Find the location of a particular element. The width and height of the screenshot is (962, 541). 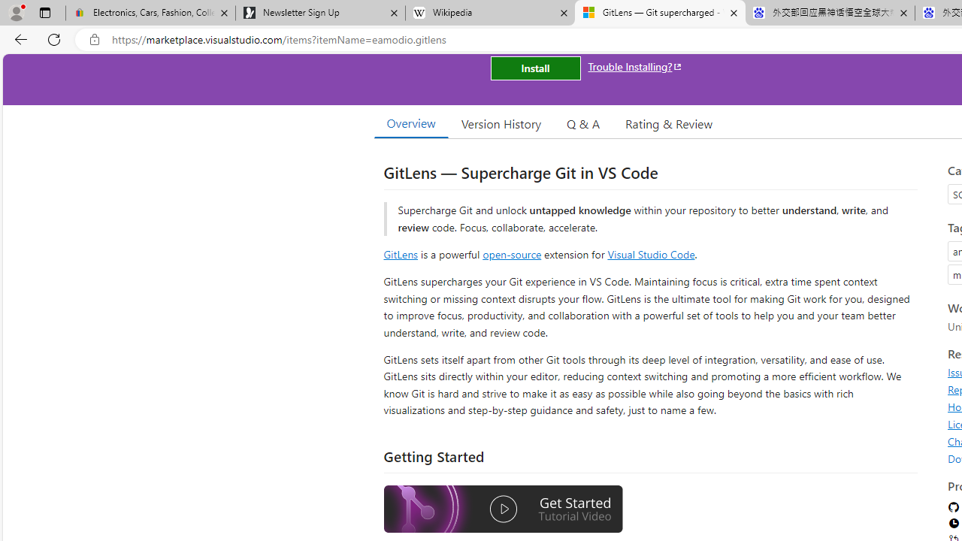

'open-source' is located at coordinates (512, 253).